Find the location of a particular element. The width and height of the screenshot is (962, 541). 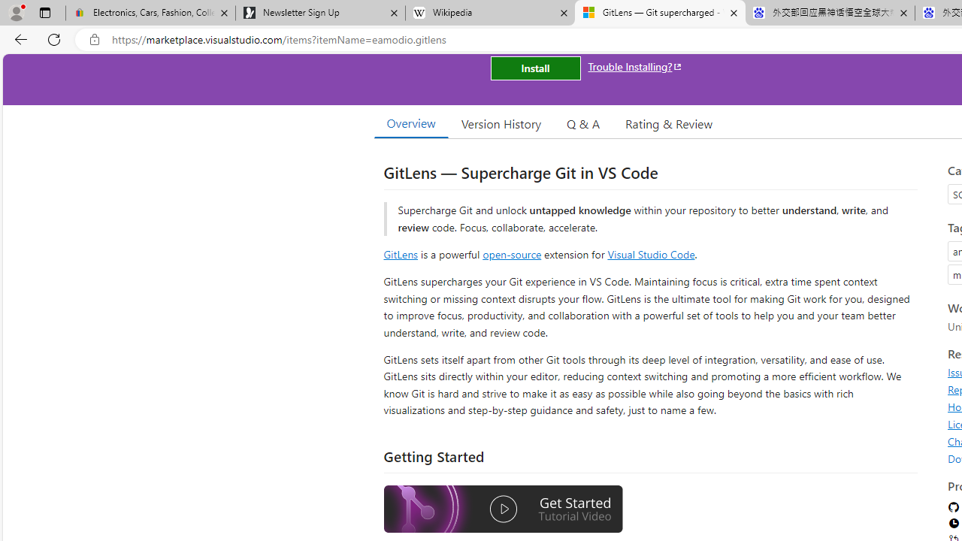

'open-source' is located at coordinates (512, 253).